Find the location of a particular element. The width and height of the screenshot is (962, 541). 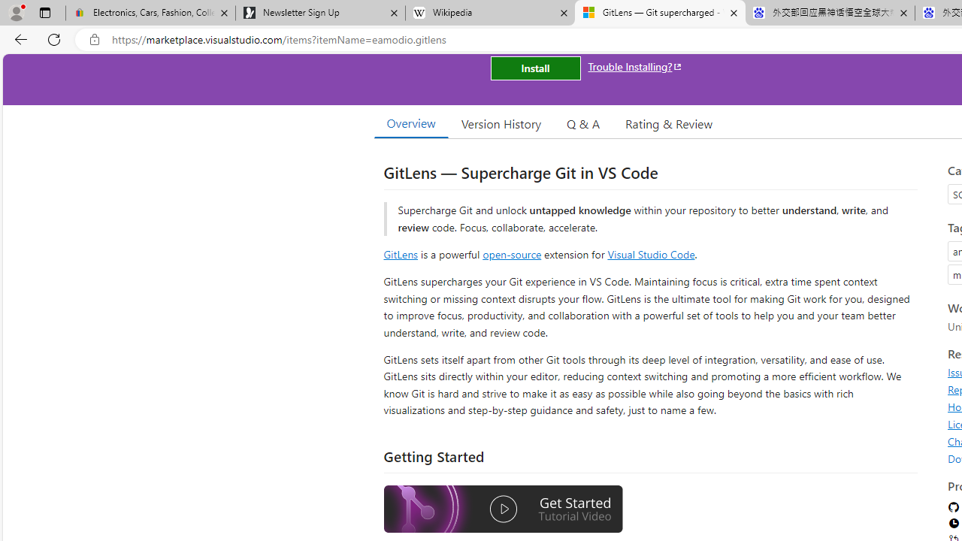

'open-source' is located at coordinates (512, 253).